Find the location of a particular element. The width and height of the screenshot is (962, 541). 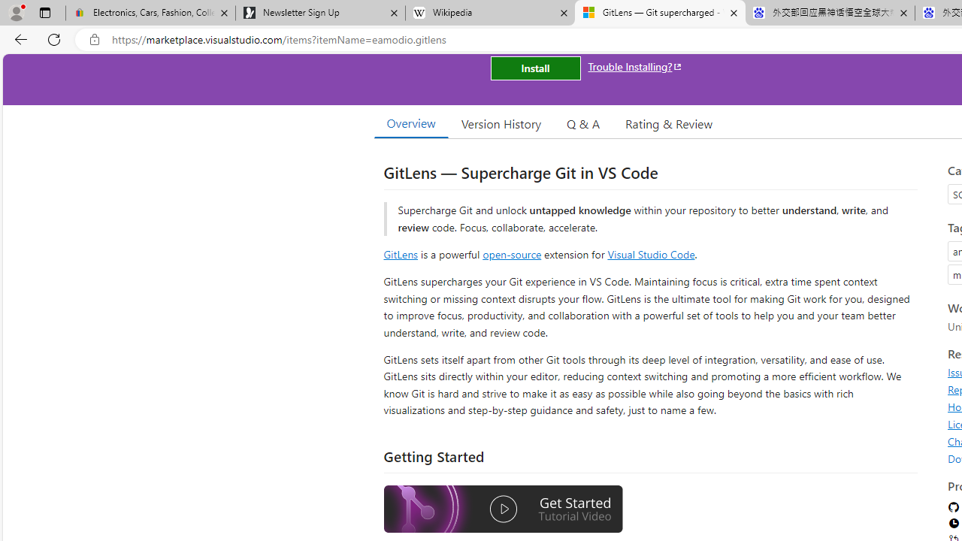

'open-source' is located at coordinates (512, 253).